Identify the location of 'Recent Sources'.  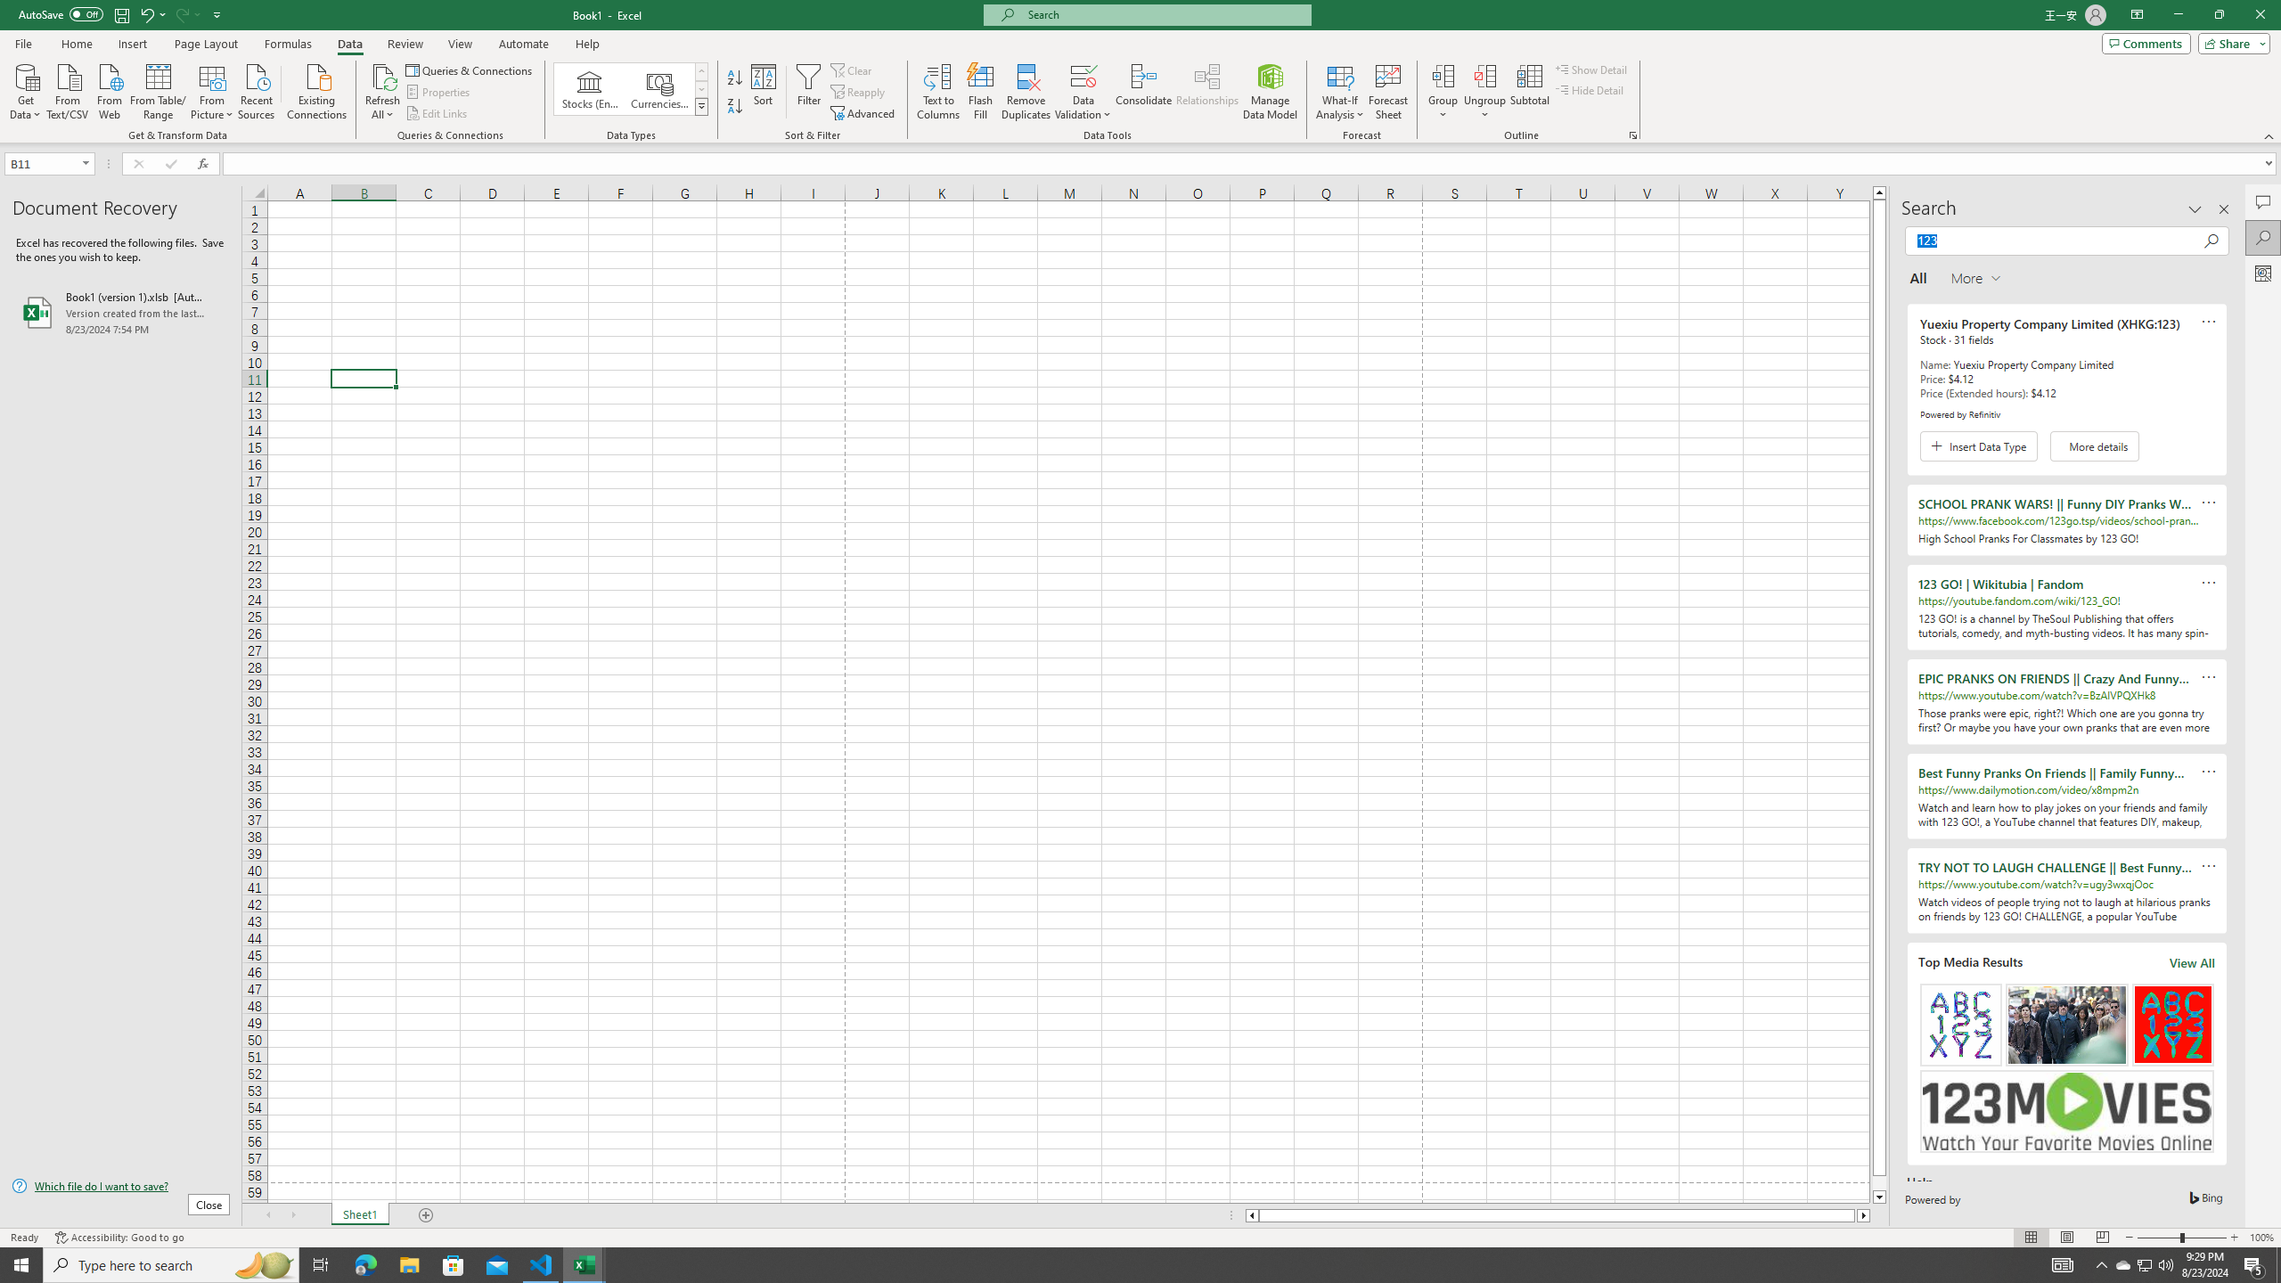
(257, 89).